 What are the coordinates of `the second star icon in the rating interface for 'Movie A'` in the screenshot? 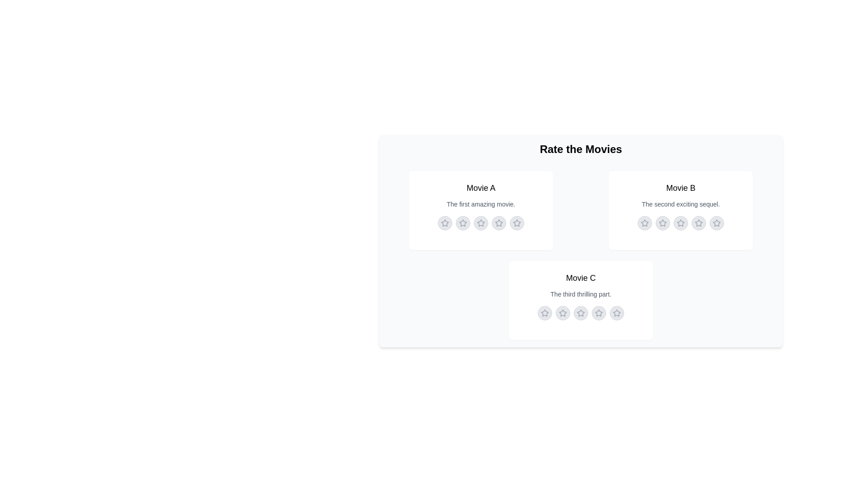 It's located at (481, 223).